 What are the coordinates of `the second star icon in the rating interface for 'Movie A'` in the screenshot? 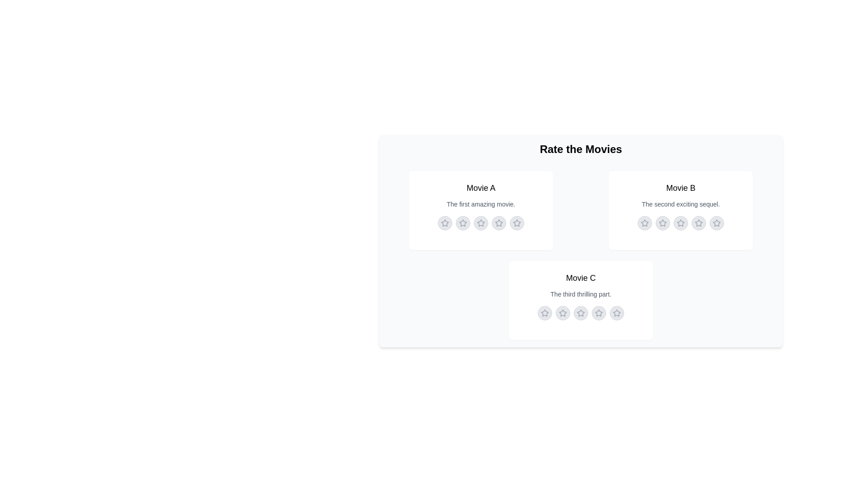 It's located at (481, 223).